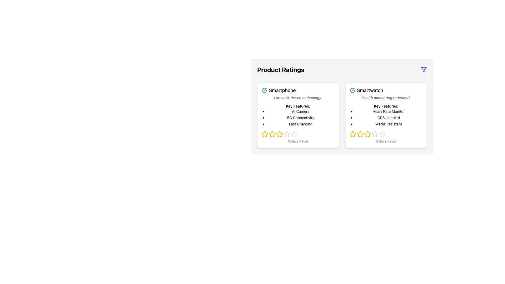  Describe the element at coordinates (279, 134) in the screenshot. I see `the third star in the row of star rating icons located under the 'Smartphone' card in the 'Product Ratings' section` at that location.